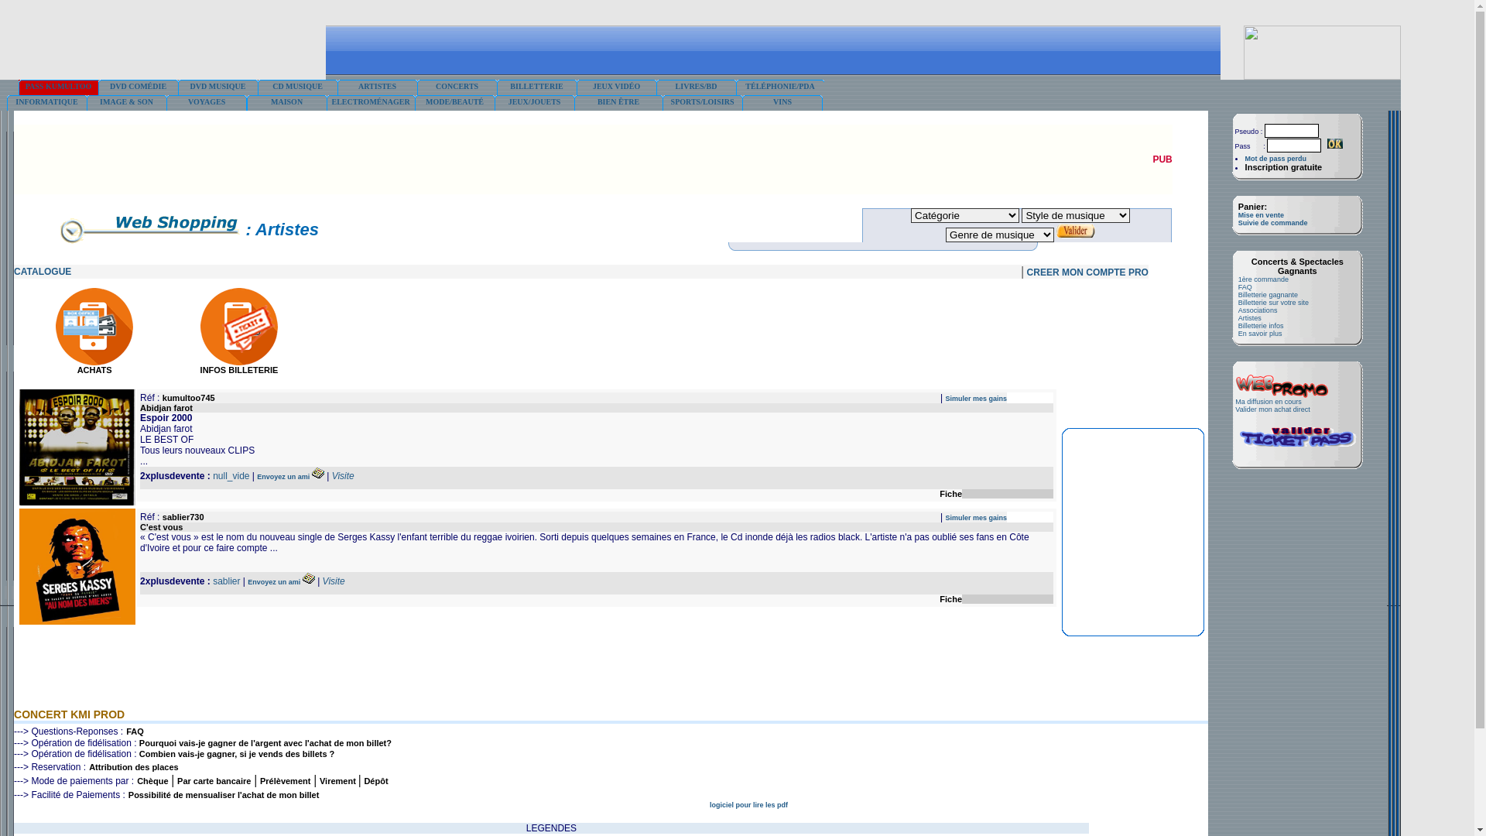 This screenshot has height=836, width=1486. What do you see at coordinates (1261, 214) in the screenshot?
I see `'Mise en vente'` at bounding box center [1261, 214].